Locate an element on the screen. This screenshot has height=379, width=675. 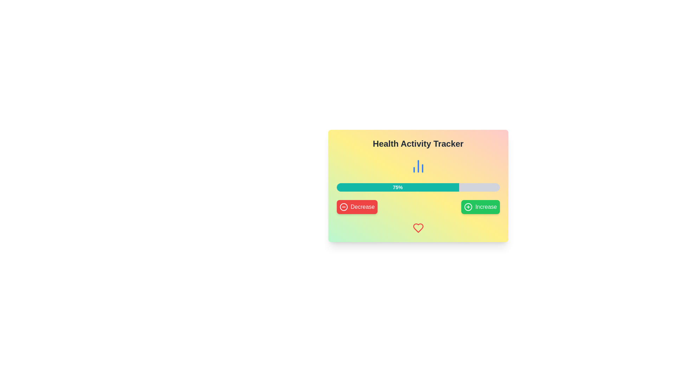
the Text Label at the top of the health activity tracker display, which serves as a title or heading for the content is located at coordinates (418, 143).